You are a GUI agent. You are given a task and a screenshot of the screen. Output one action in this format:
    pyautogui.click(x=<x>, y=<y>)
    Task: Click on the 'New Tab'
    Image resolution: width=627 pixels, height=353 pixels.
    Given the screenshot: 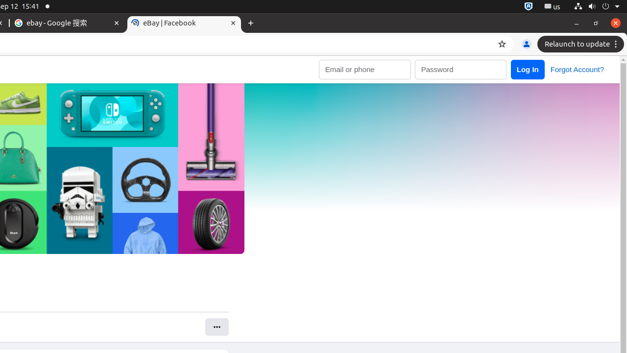 What is the action you would take?
    pyautogui.click(x=251, y=23)
    